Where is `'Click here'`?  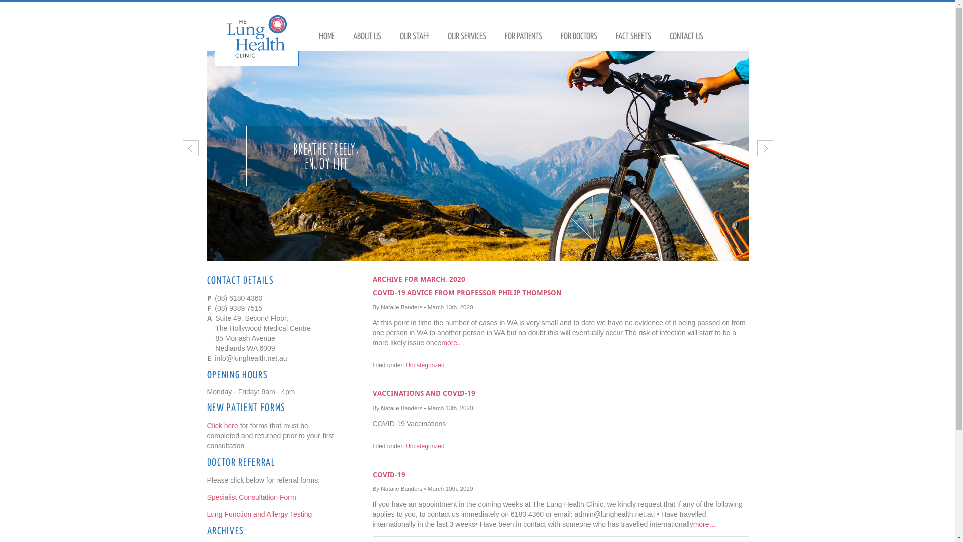
'Click here' is located at coordinates (221, 426).